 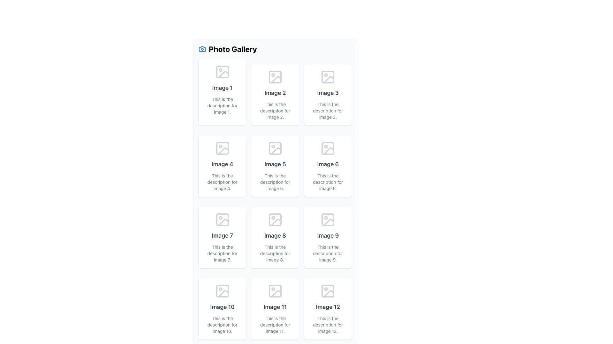 What do you see at coordinates (328, 93) in the screenshot?
I see `text content of the text label displaying 'Image 3', which is part of the photo gallery interface located in the top right corner of the grid layout` at bounding box center [328, 93].